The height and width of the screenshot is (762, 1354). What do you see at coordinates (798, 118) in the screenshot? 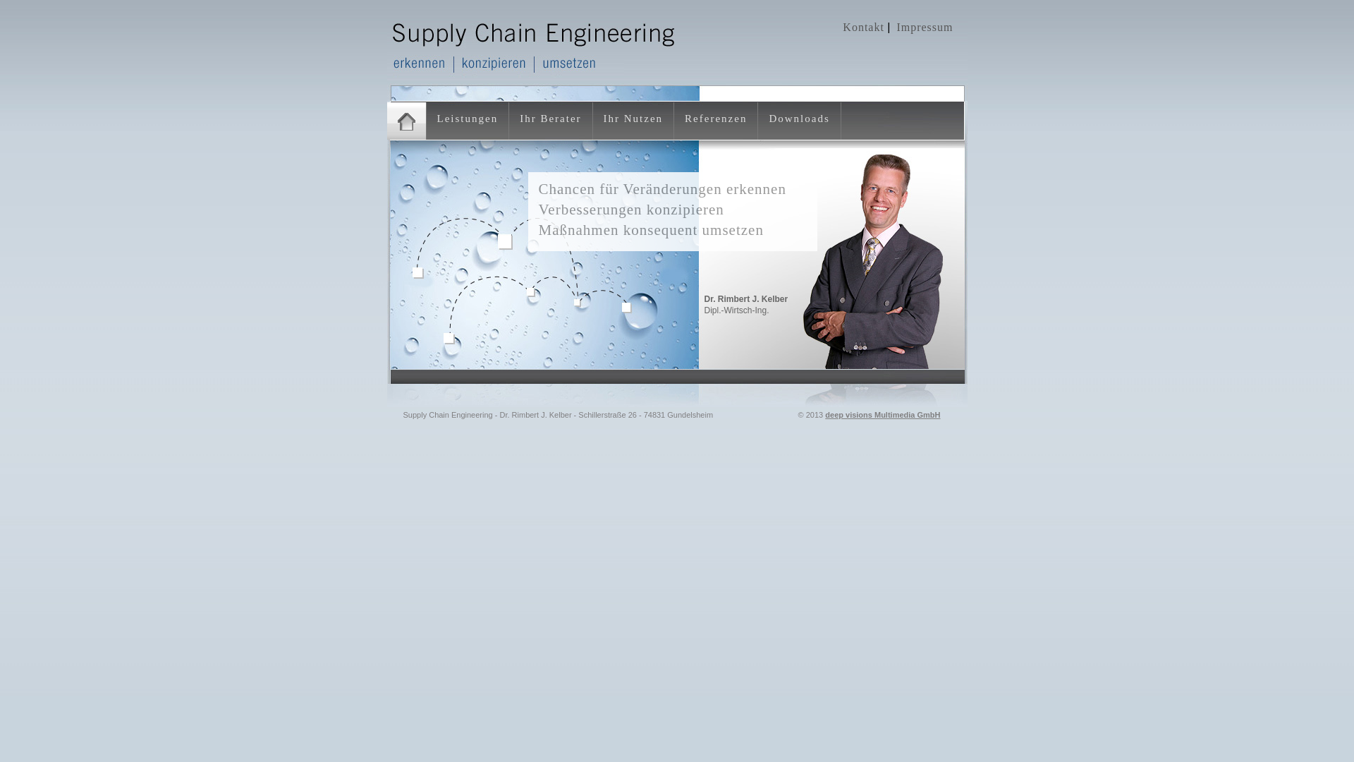
I see `'Downloads'` at bounding box center [798, 118].